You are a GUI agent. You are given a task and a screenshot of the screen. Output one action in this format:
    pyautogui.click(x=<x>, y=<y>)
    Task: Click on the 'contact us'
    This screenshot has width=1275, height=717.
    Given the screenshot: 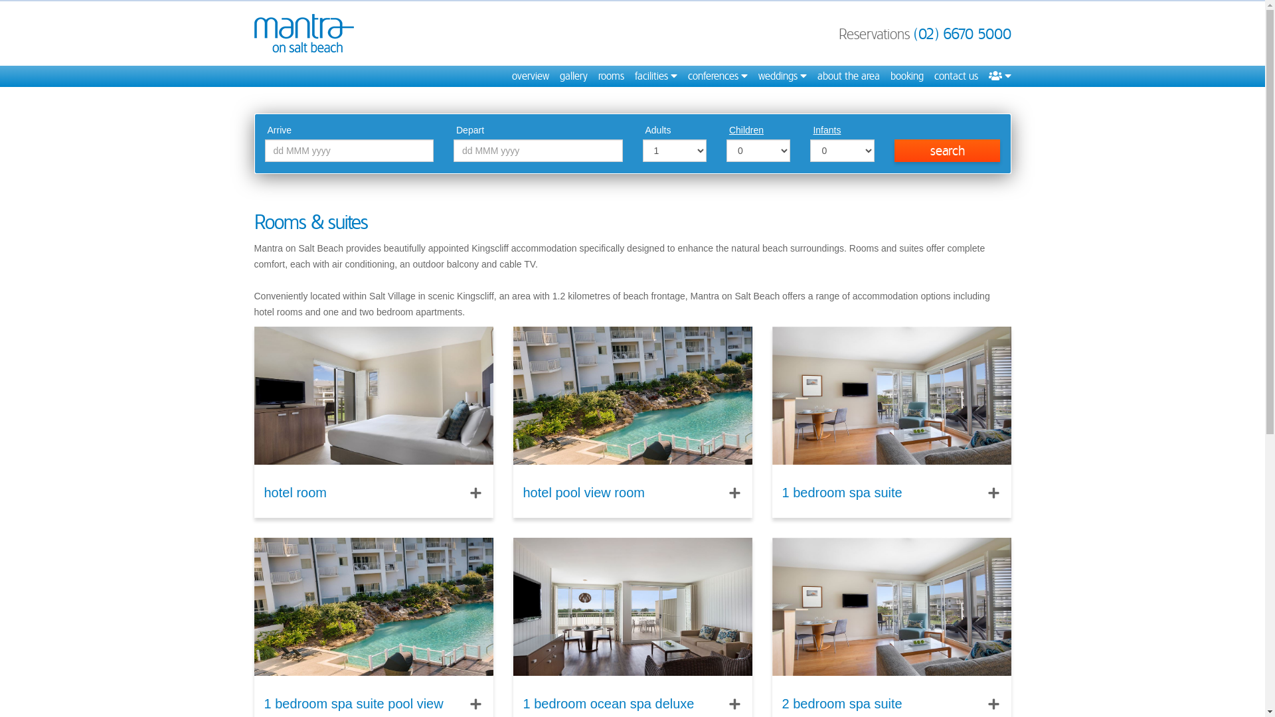 What is the action you would take?
    pyautogui.click(x=955, y=76)
    